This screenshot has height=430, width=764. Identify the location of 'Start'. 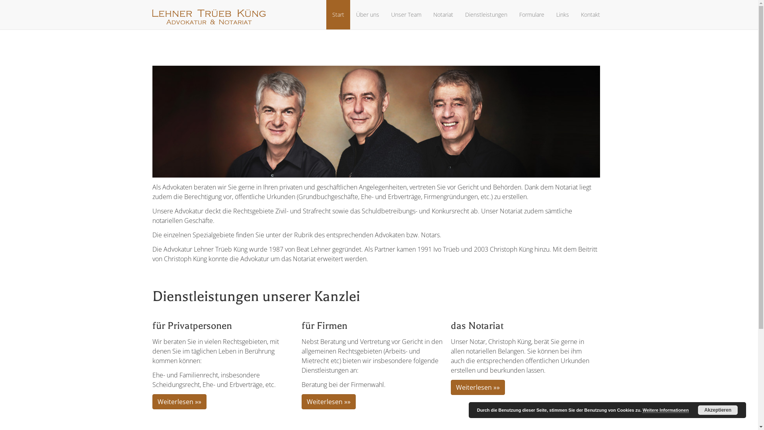
(338, 15).